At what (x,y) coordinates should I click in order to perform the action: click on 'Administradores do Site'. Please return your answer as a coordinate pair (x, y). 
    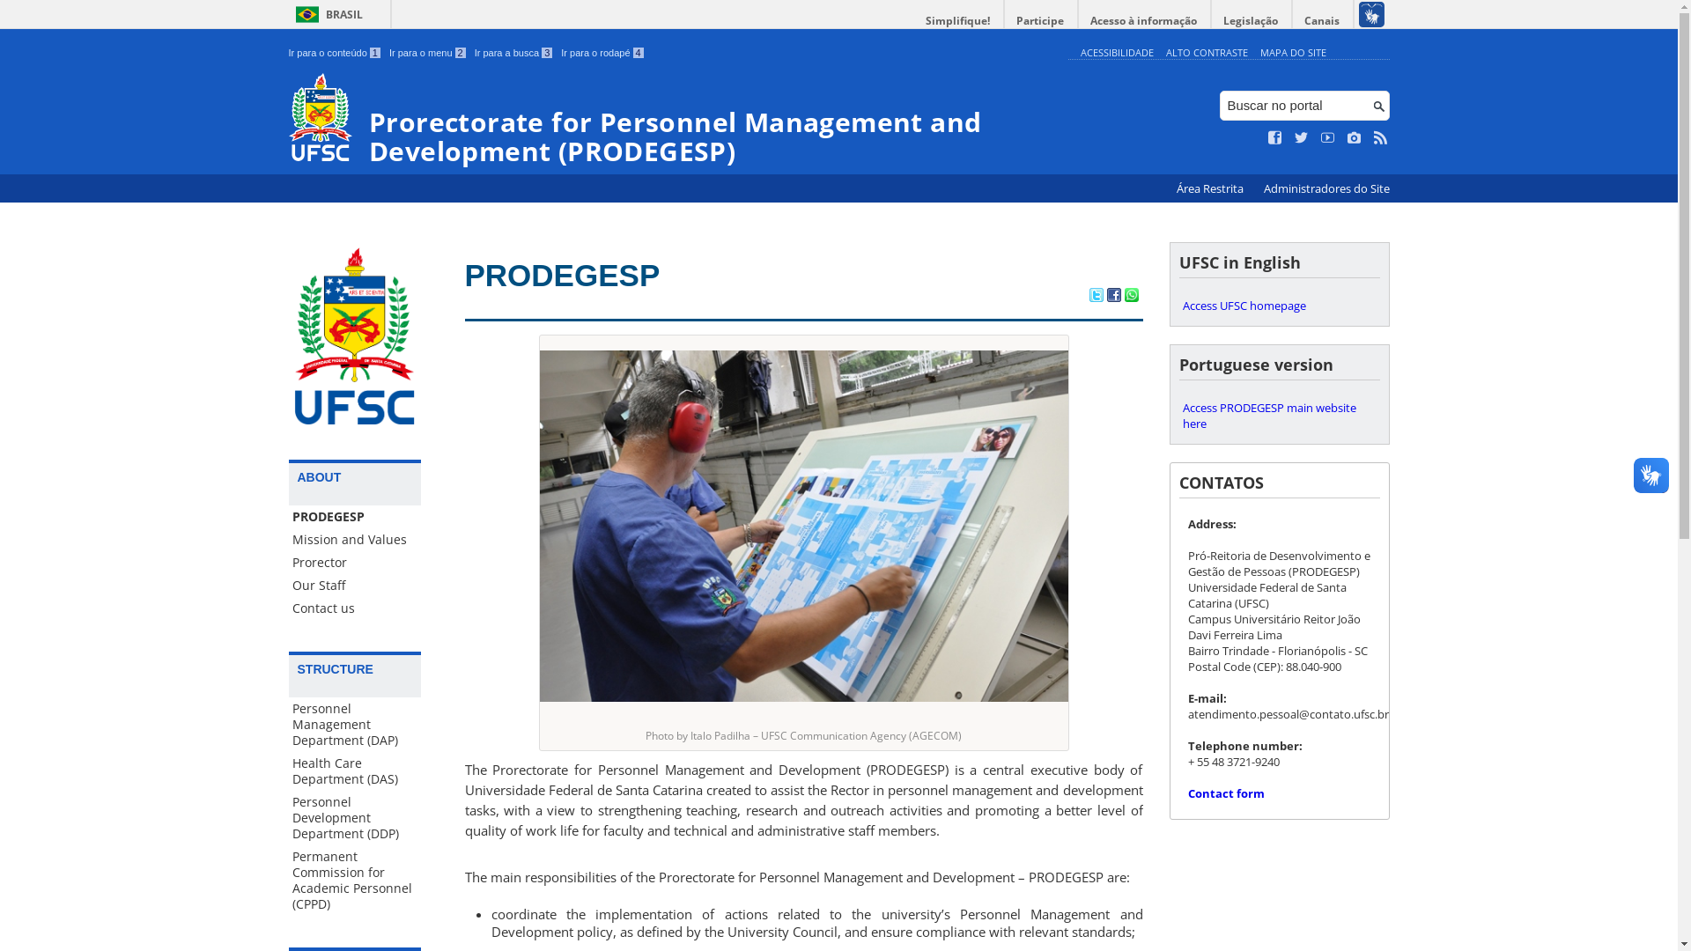
    Looking at the image, I should click on (1325, 188).